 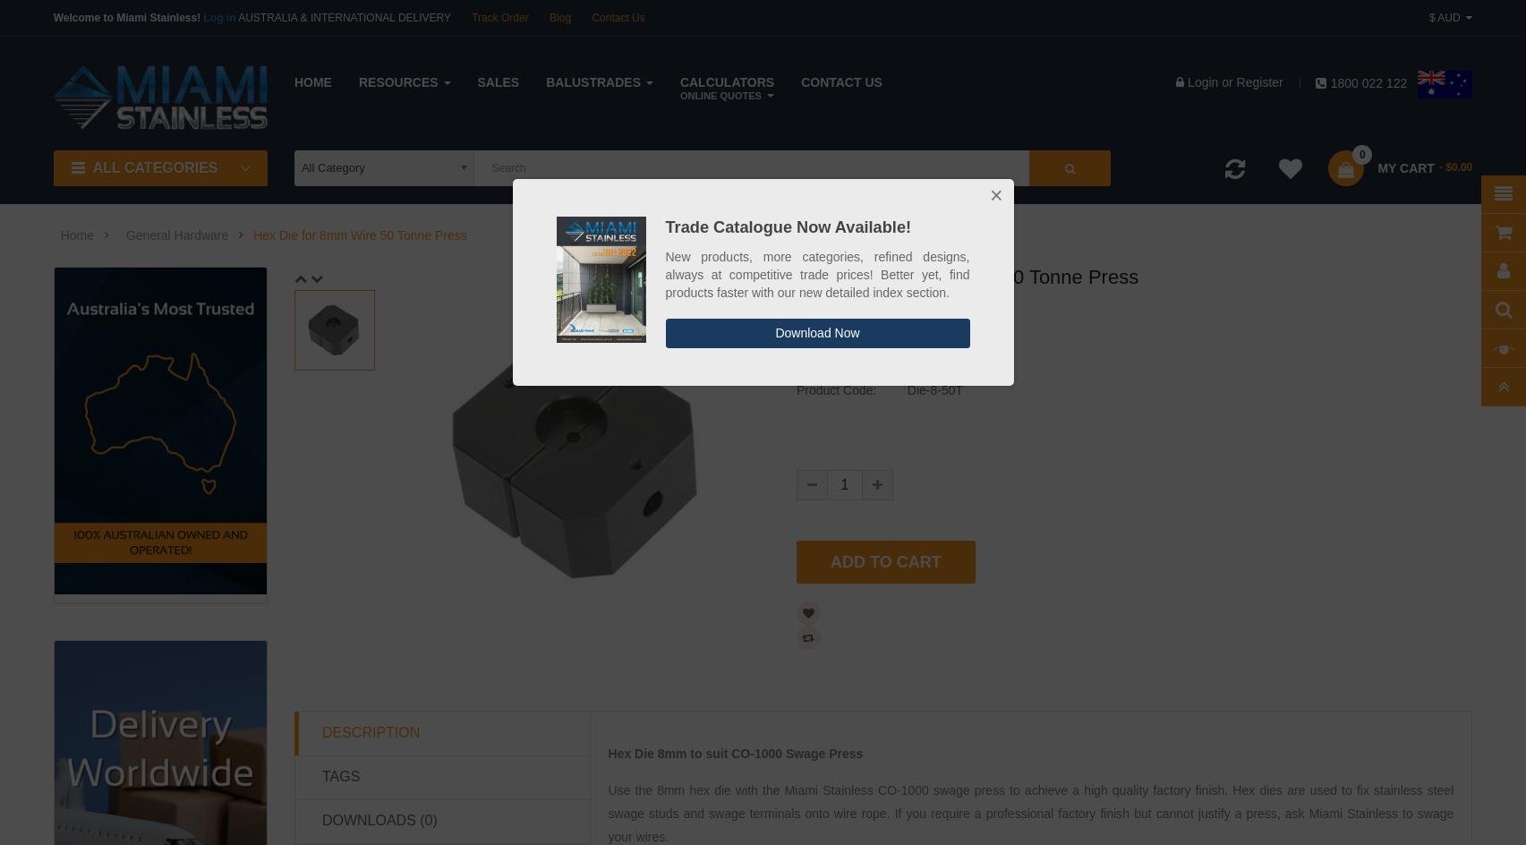 What do you see at coordinates (1448, 270) in the screenshot?
I see `'Account'` at bounding box center [1448, 270].